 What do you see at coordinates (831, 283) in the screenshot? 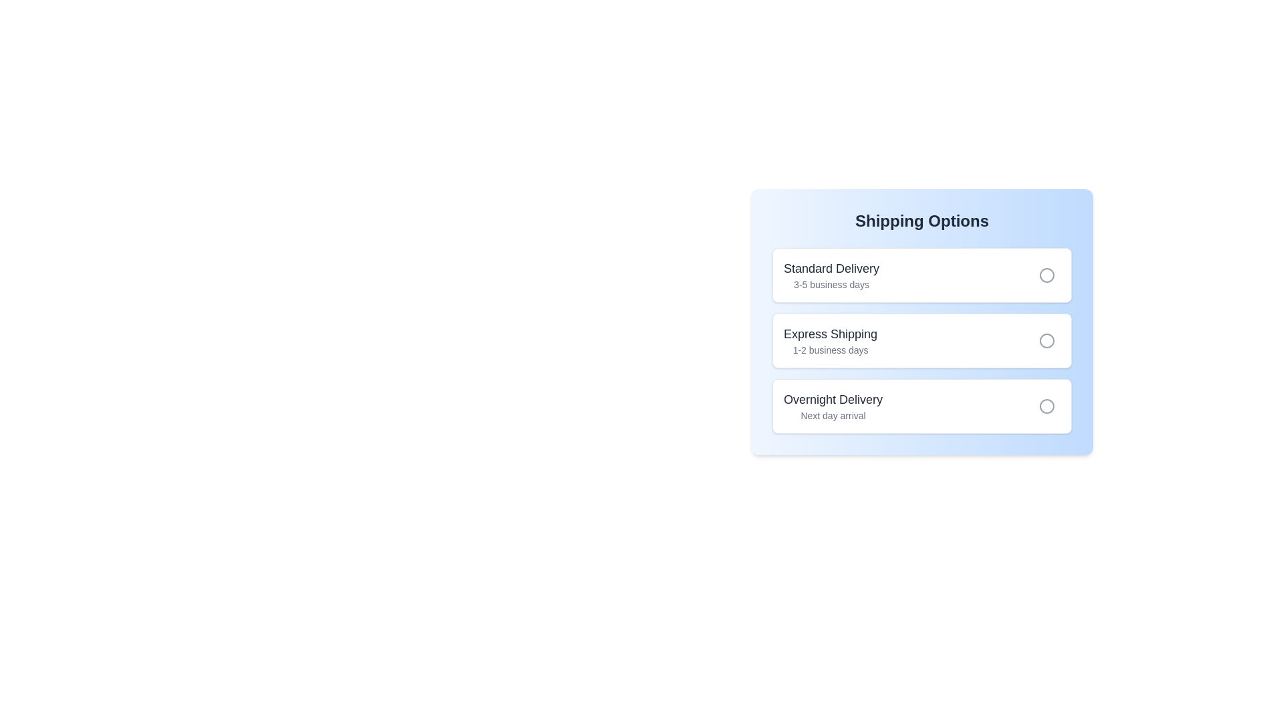
I see `the text label stating '3-5 business days' located directly below the 'Standard Delivery' label in the 'Shipping Options' section to potentially see additional details` at bounding box center [831, 283].